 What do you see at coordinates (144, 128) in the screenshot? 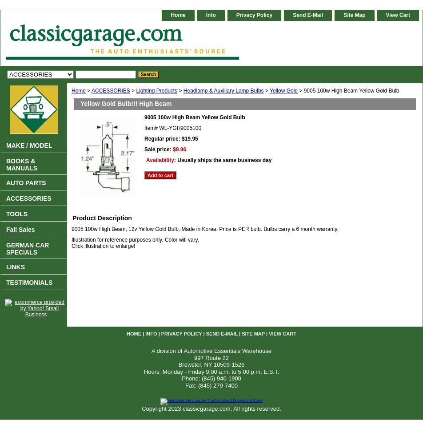
I see `'Item#'` at bounding box center [144, 128].